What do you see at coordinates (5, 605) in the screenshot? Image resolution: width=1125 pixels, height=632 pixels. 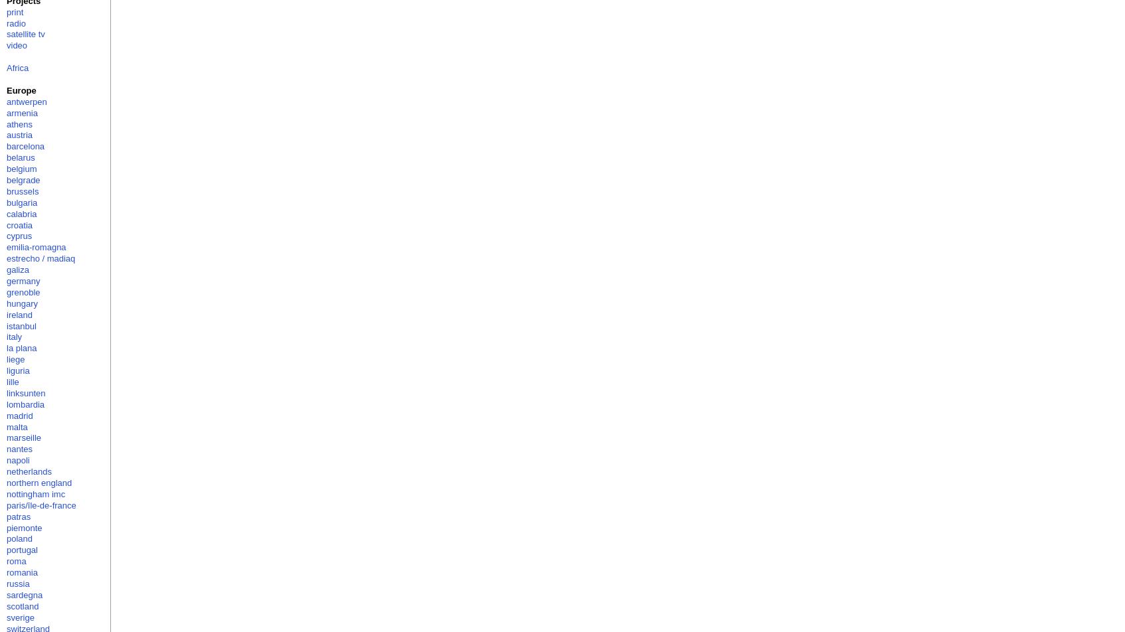 I see `'scotland'` at bounding box center [5, 605].